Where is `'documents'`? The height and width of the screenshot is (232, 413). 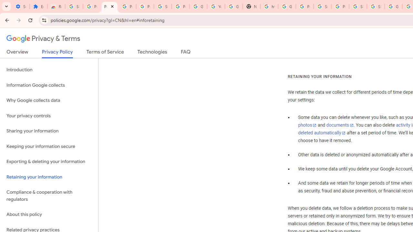 'documents' is located at coordinates (339, 125).